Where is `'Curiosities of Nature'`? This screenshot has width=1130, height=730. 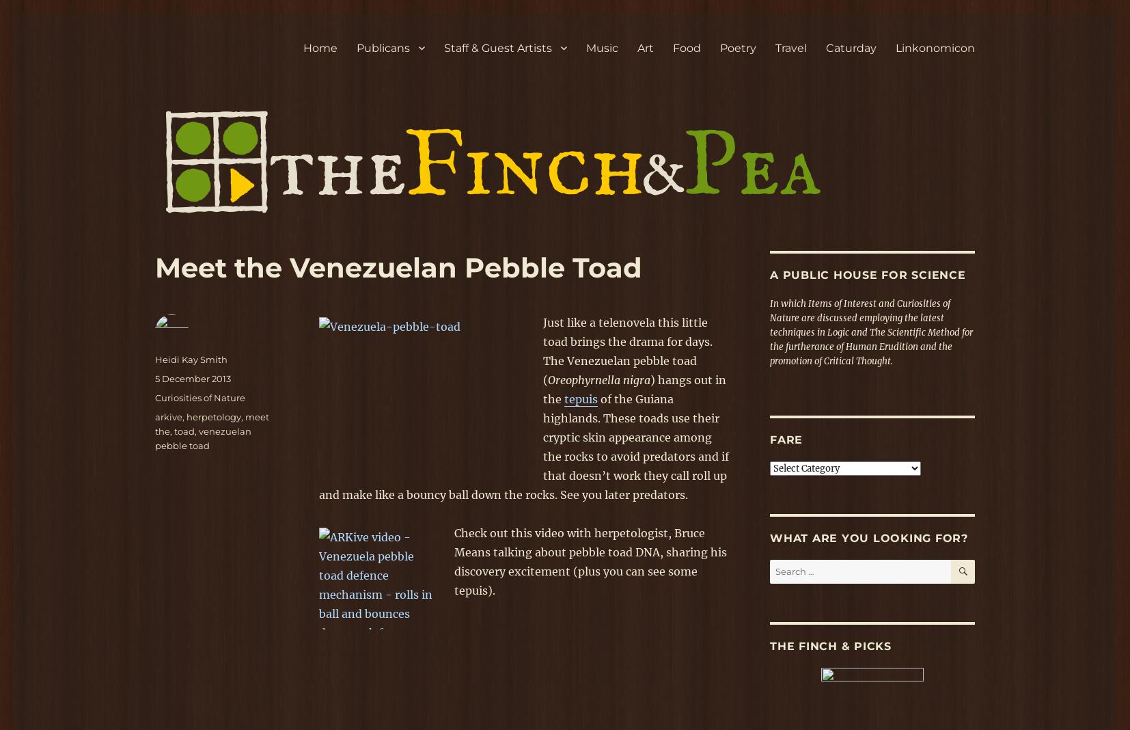
'Curiosities of Nature' is located at coordinates (199, 396).